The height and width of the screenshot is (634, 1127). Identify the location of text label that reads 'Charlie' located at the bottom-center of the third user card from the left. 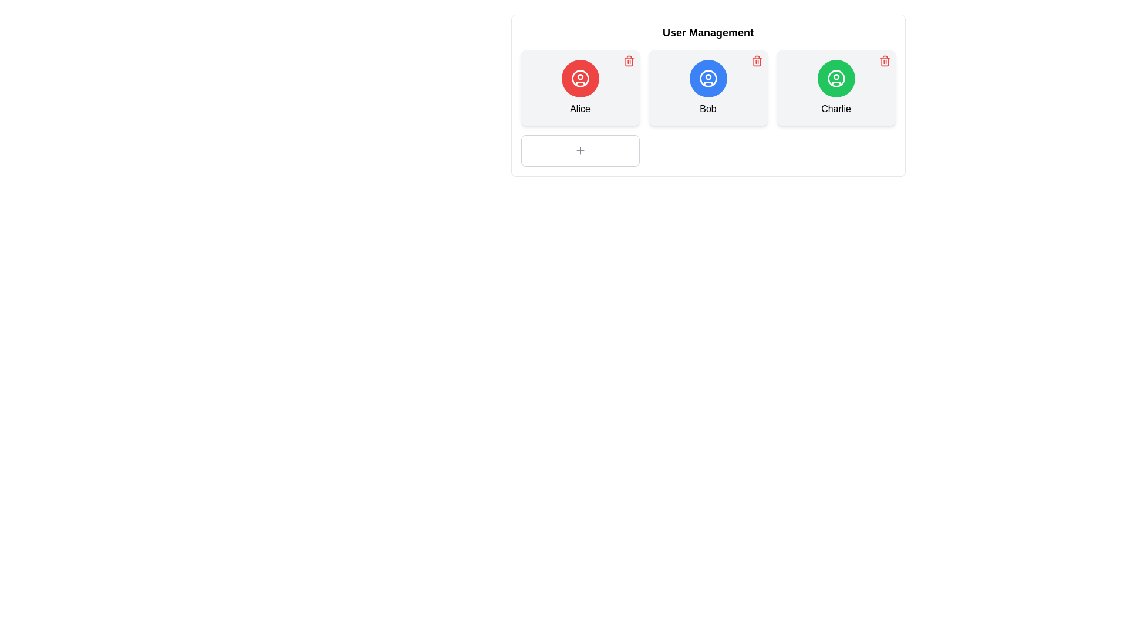
(835, 109).